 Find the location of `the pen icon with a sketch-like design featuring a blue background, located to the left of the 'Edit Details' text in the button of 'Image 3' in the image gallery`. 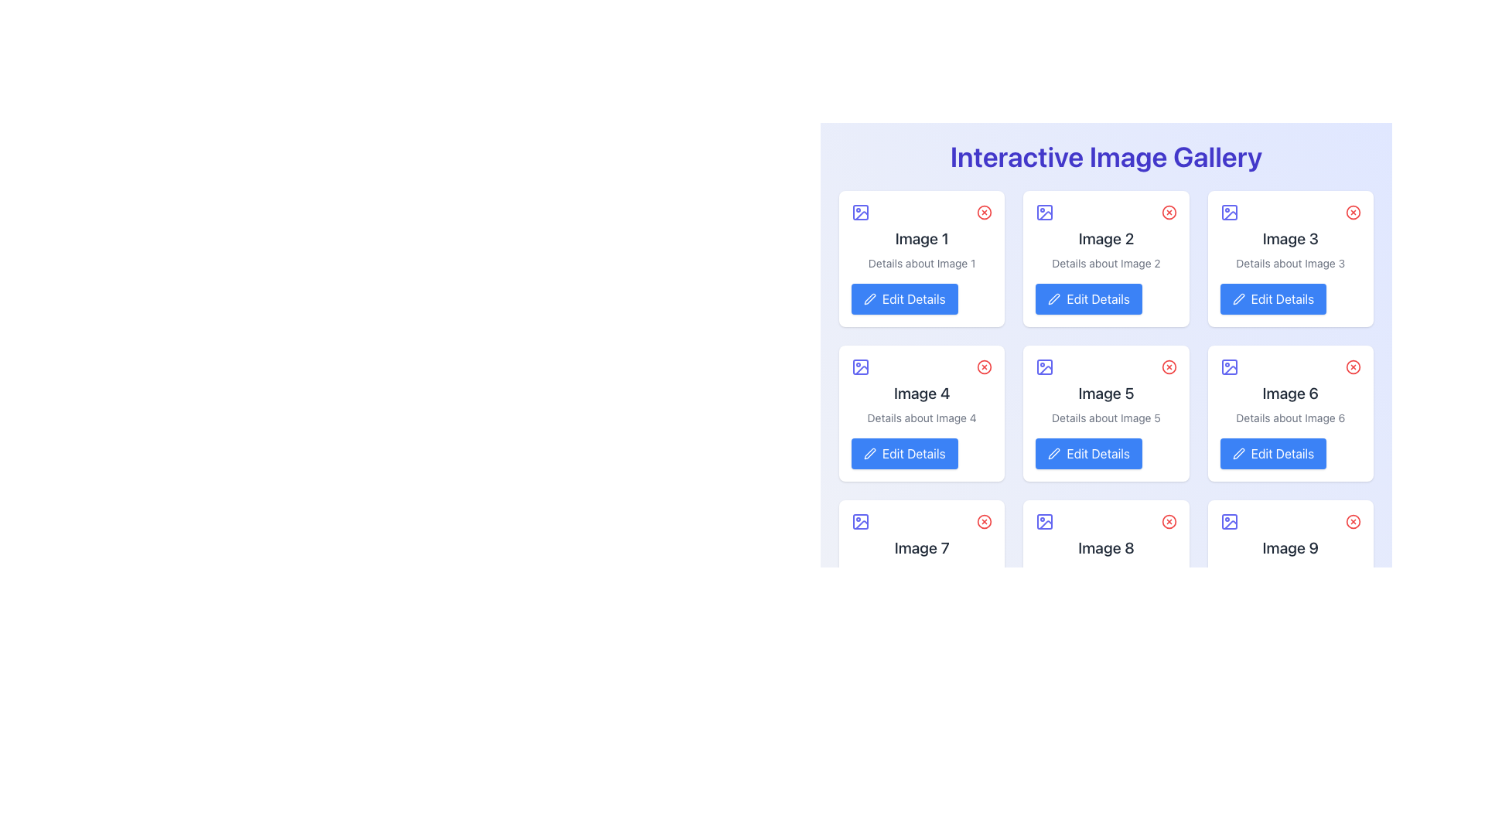

the pen icon with a sketch-like design featuring a blue background, located to the left of the 'Edit Details' text in the button of 'Image 3' in the image gallery is located at coordinates (1238, 298).